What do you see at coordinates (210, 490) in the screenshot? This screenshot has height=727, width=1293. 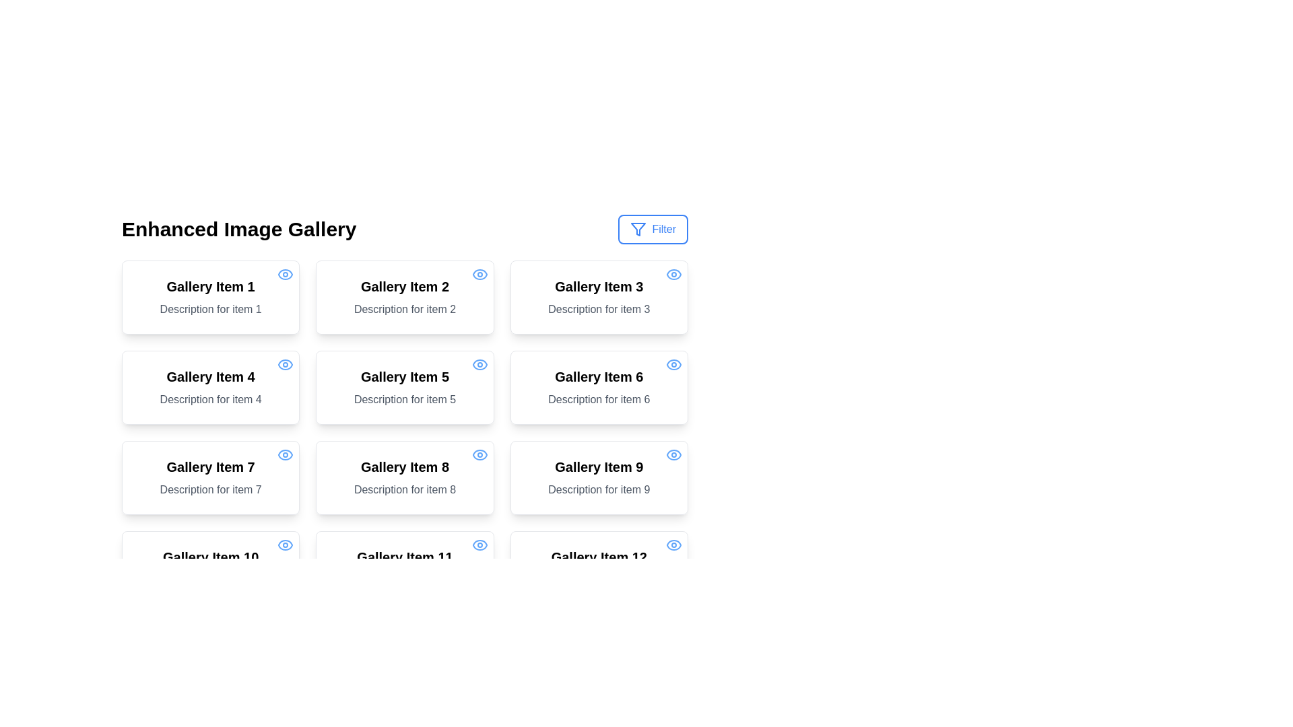 I see `the Text label containing the text 'Description for item 7' which is styled in a regular serif font and positioned below the title 'Gallery Item 7'` at bounding box center [210, 490].